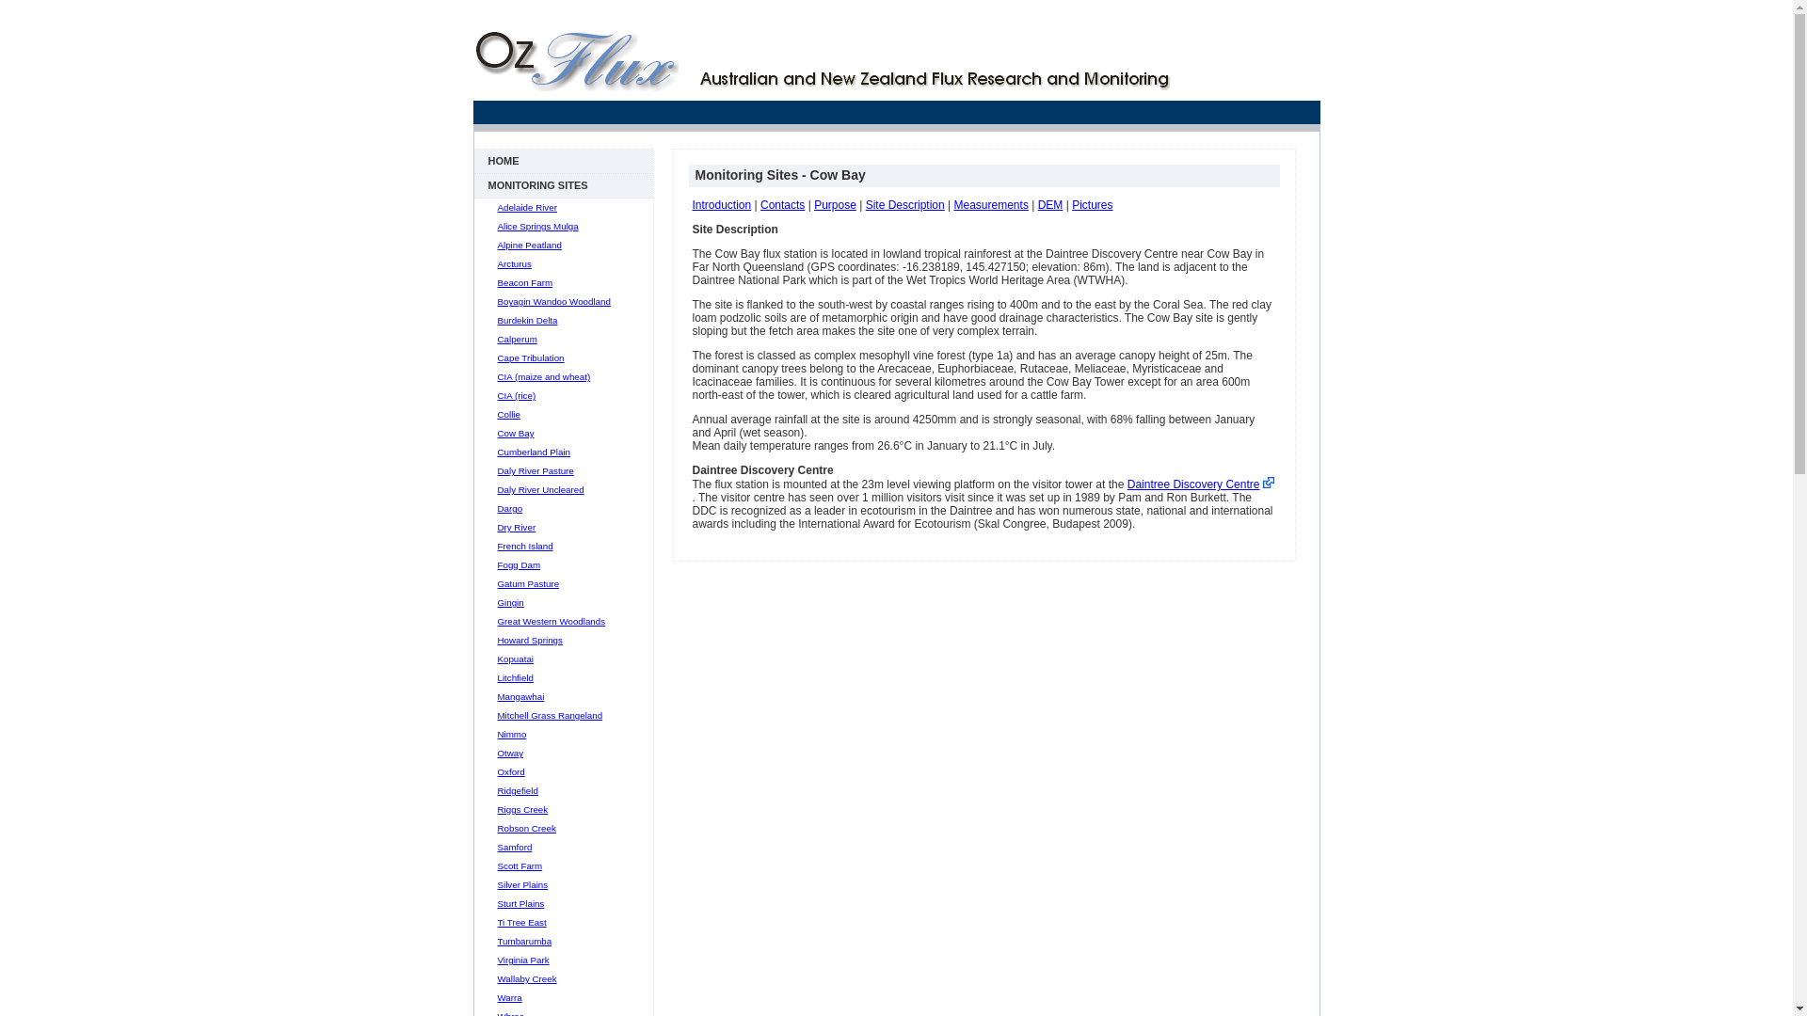 The height and width of the screenshot is (1016, 1807). Describe the element at coordinates (523, 941) in the screenshot. I see `'Tumbarumba'` at that location.